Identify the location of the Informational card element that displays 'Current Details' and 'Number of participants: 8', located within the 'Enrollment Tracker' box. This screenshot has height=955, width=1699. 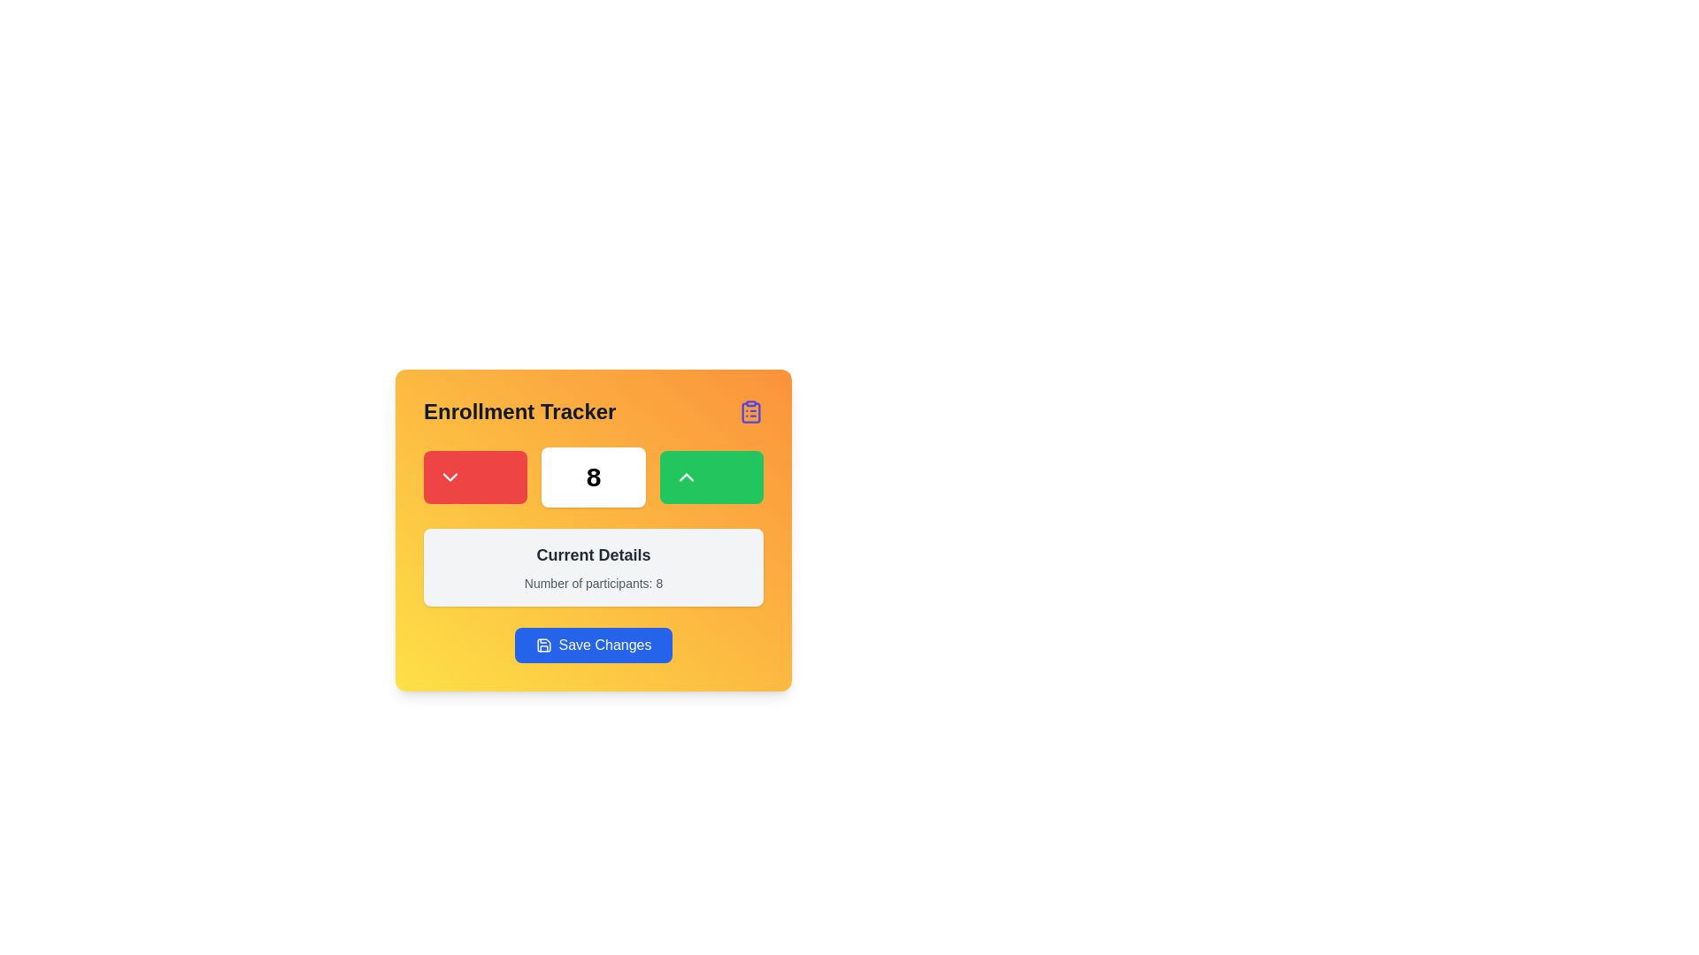
(594, 567).